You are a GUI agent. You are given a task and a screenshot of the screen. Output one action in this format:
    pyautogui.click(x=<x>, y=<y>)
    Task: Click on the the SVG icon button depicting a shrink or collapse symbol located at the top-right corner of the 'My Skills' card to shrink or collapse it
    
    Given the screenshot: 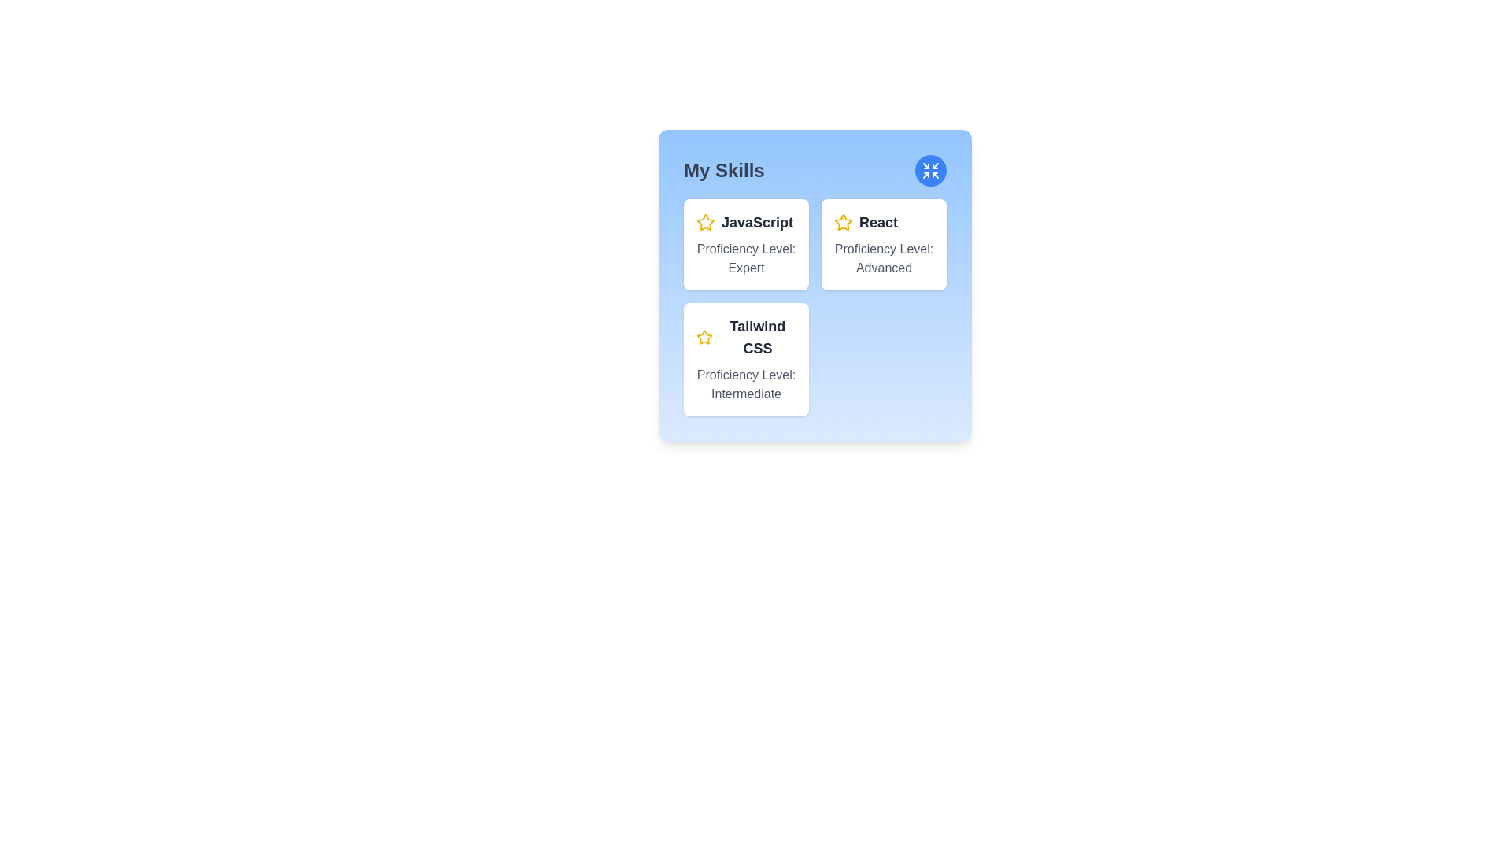 What is the action you would take?
    pyautogui.click(x=930, y=170)
    